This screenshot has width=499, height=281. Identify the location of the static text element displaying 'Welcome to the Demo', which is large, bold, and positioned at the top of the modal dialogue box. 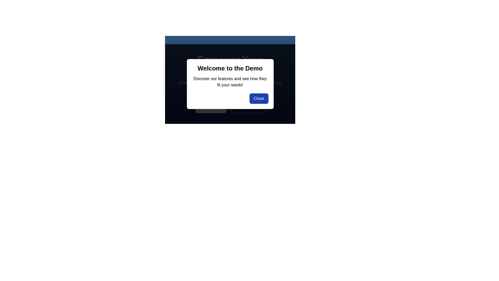
(230, 68).